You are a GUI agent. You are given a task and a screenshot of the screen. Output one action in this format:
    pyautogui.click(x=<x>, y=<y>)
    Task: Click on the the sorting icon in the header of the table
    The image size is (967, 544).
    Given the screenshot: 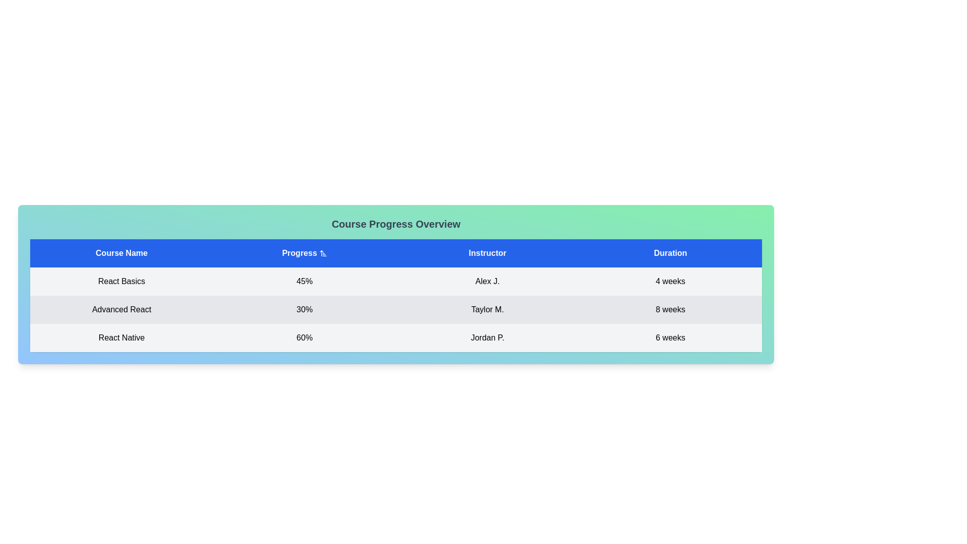 What is the action you would take?
    pyautogui.click(x=323, y=252)
    